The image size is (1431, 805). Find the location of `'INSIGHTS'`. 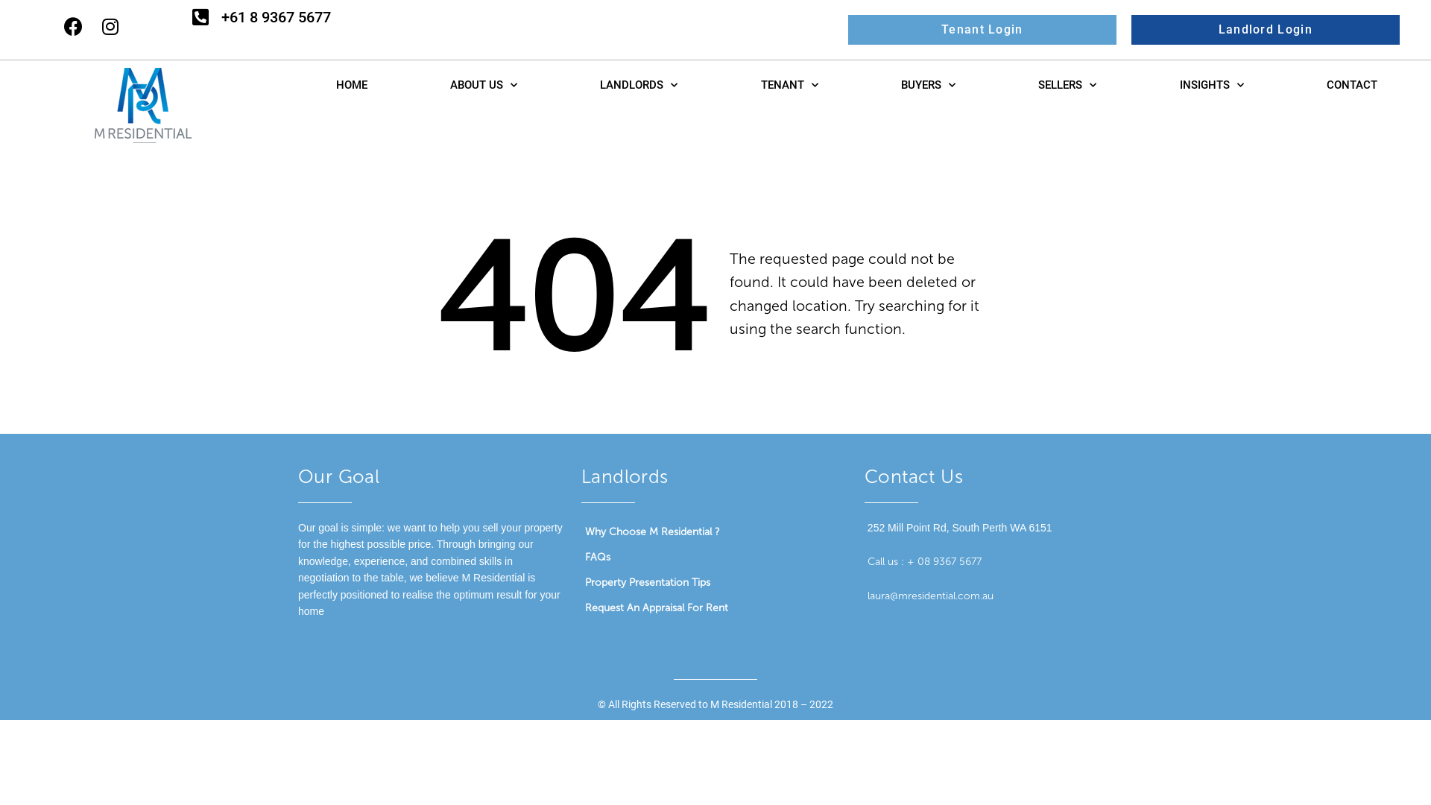

'INSIGHTS' is located at coordinates (1137, 85).